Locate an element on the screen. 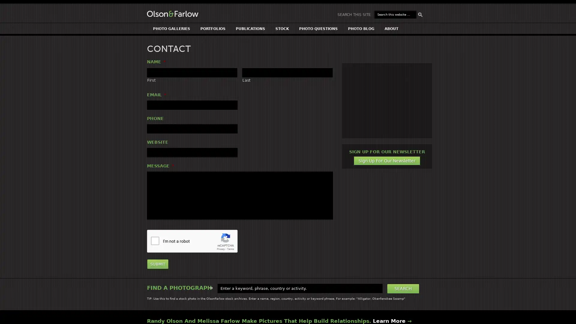 Image resolution: width=576 pixels, height=324 pixels. Search is located at coordinates (420, 14).